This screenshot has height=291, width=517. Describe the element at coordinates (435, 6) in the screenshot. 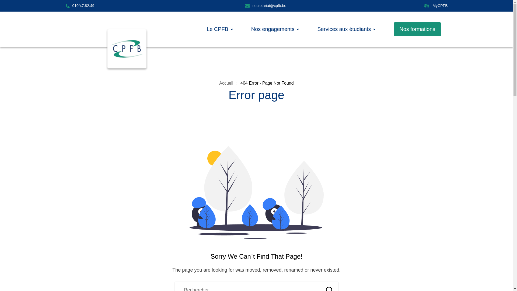

I see `'MyCPFB'` at that location.